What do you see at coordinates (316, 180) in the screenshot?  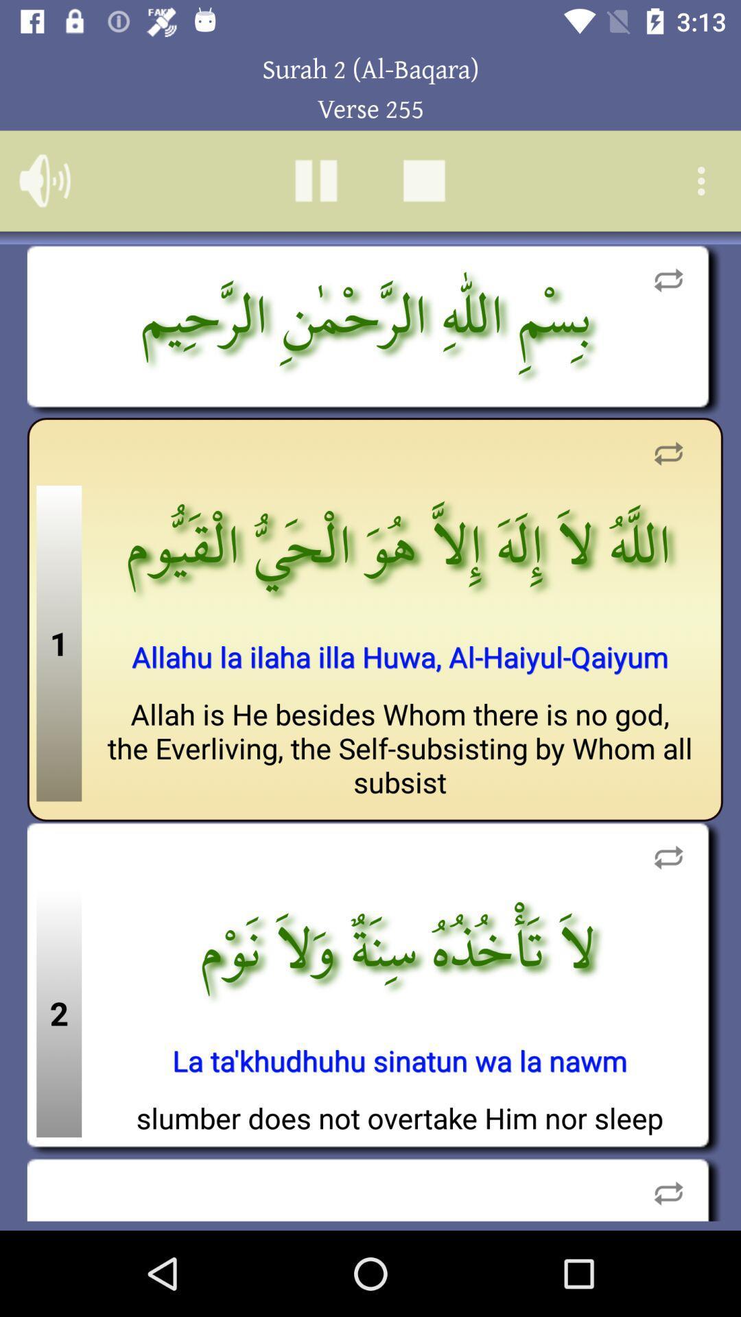 I see `the item below surah 2 al icon` at bounding box center [316, 180].